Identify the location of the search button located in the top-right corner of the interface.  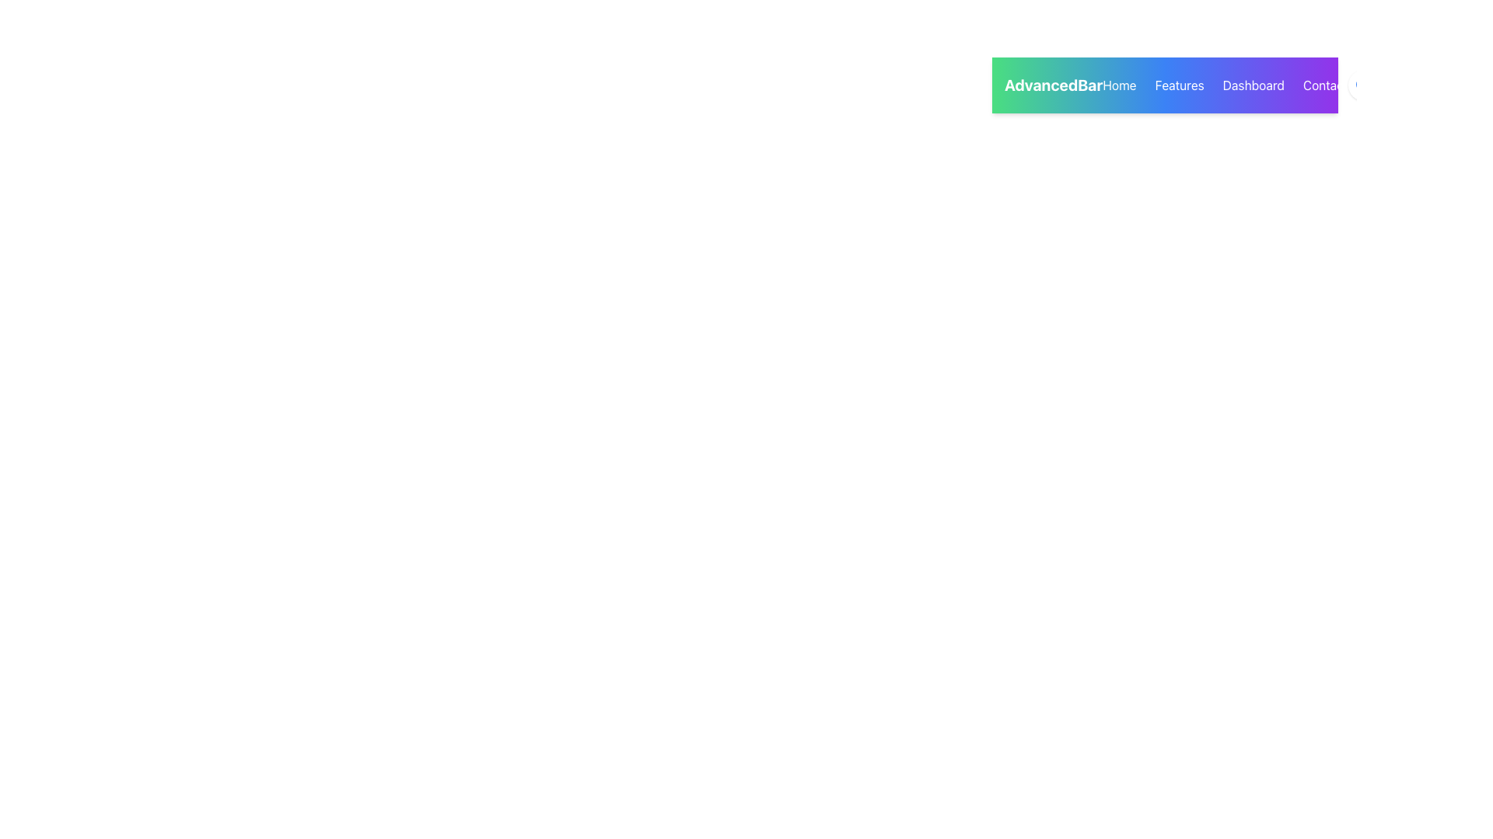
(1362, 85).